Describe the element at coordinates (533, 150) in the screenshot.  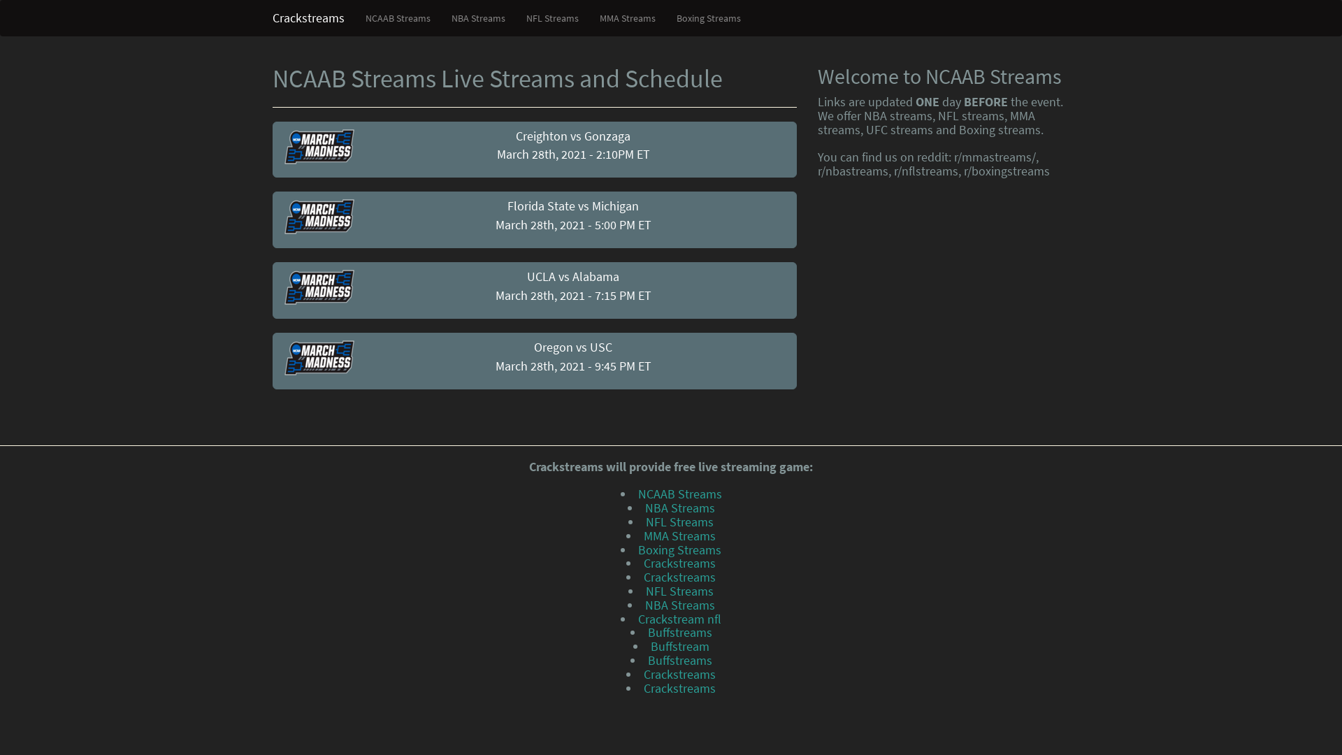
I see `'Creighton vs Gonzaga` at that location.